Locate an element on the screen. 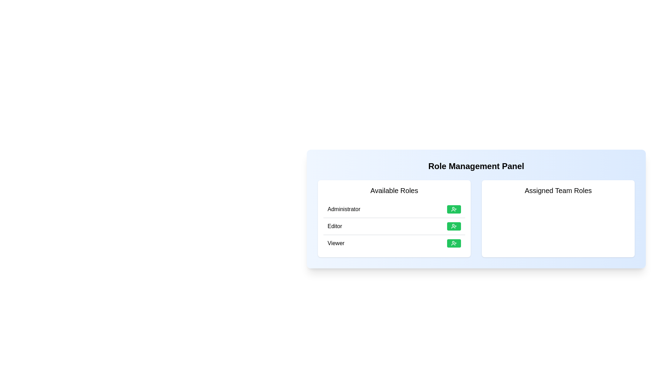 This screenshot has height=375, width=667. green button next to the role 'Editor' in the 'Available Roles' section to assign it to the team is located at coordinates (454, 226).